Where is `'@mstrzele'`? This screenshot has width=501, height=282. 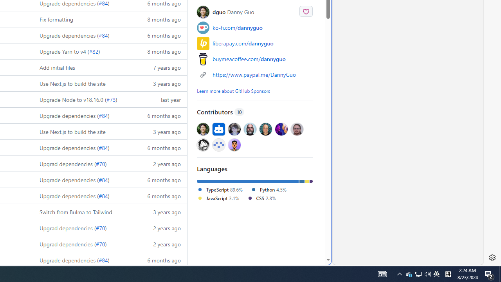
'@mstrzele' is located at coordinates (218, 145).